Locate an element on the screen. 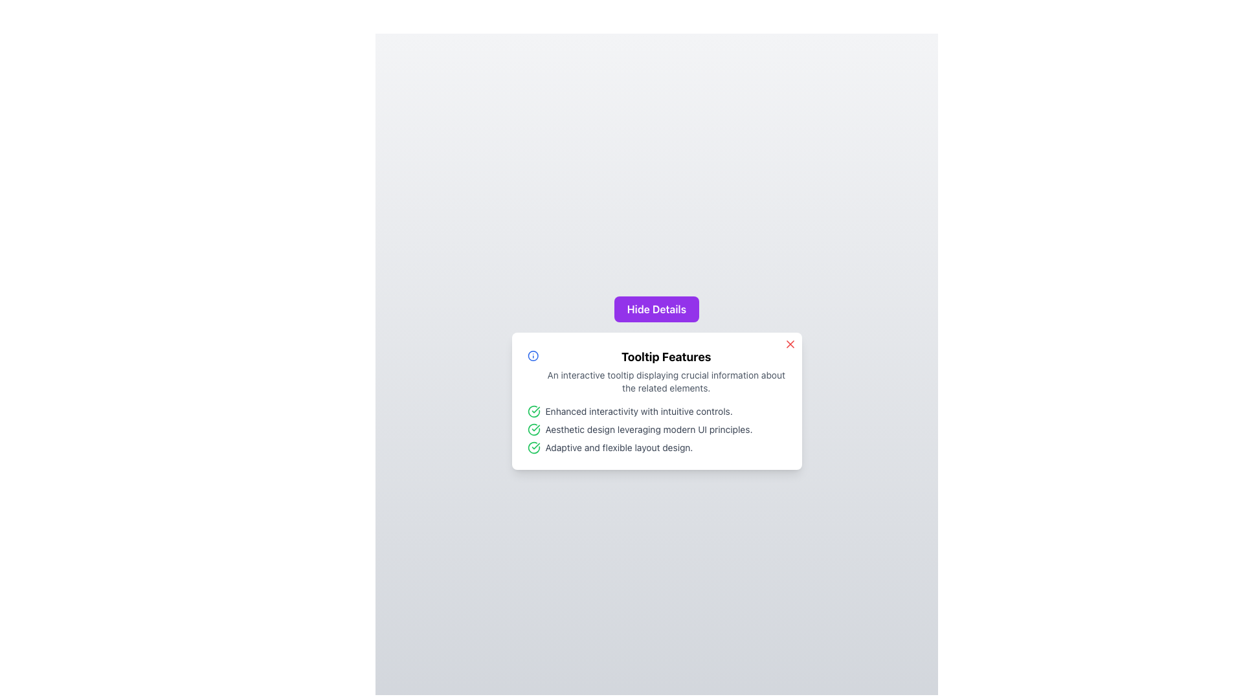  text of the UI element containing a green checkmark icon and the label 'Enhanced interactivity with intuitive controls.' located in the middle section of the 'Tooltip Features' popup is located at coordinates (656, 412).